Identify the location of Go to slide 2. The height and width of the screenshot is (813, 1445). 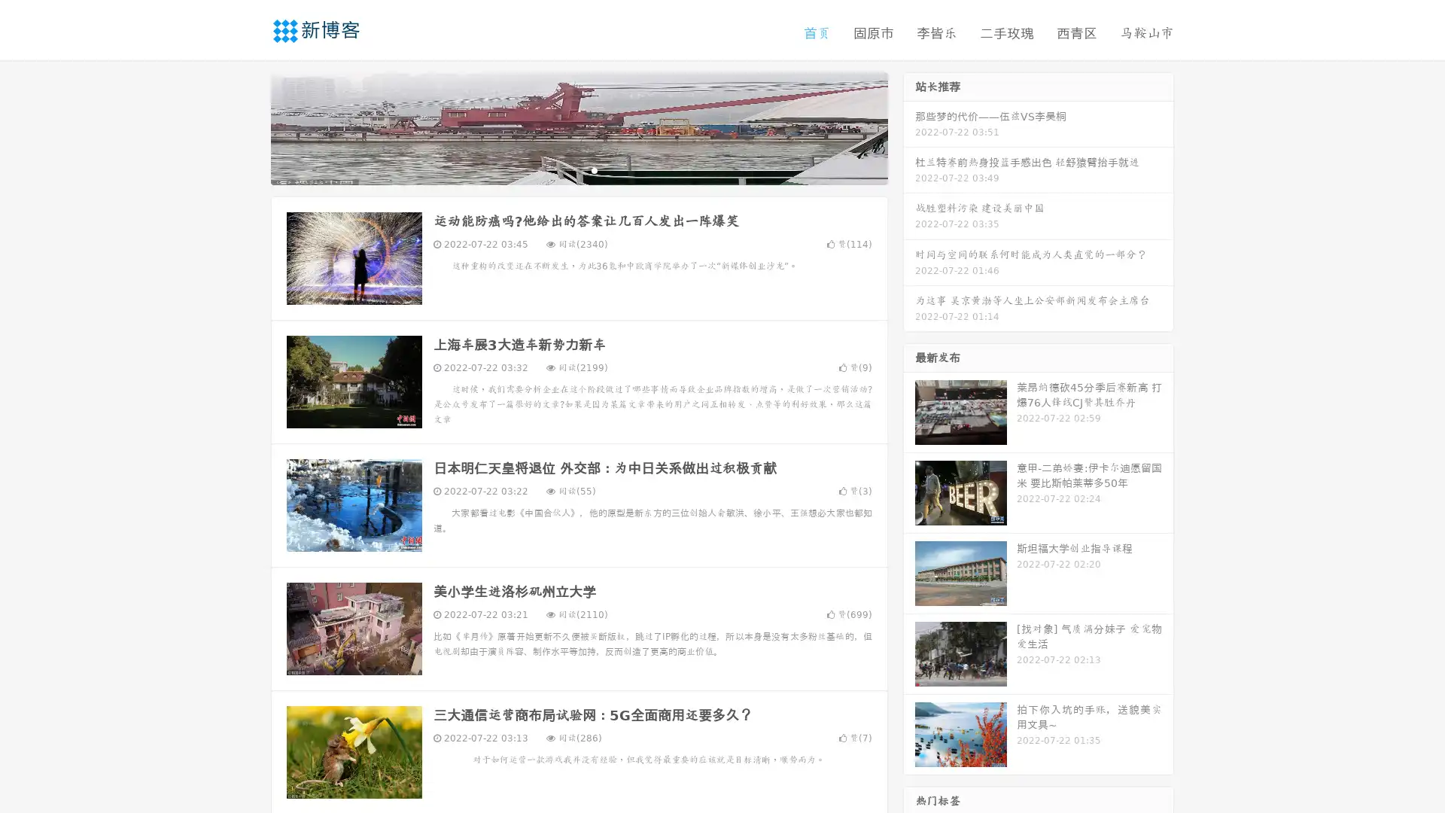
(578, 169).